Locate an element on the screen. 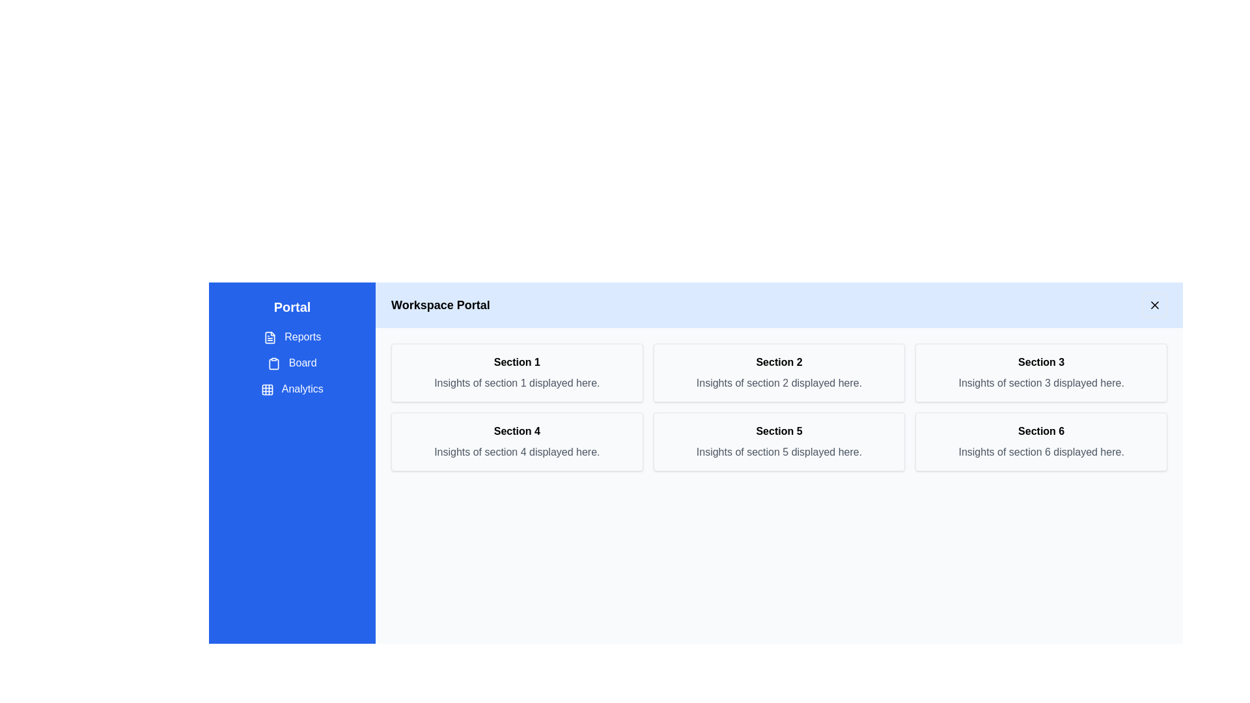  the clipboard icon in the left sidebar associated with the 'Board' text is located at coordinates (273, 363).